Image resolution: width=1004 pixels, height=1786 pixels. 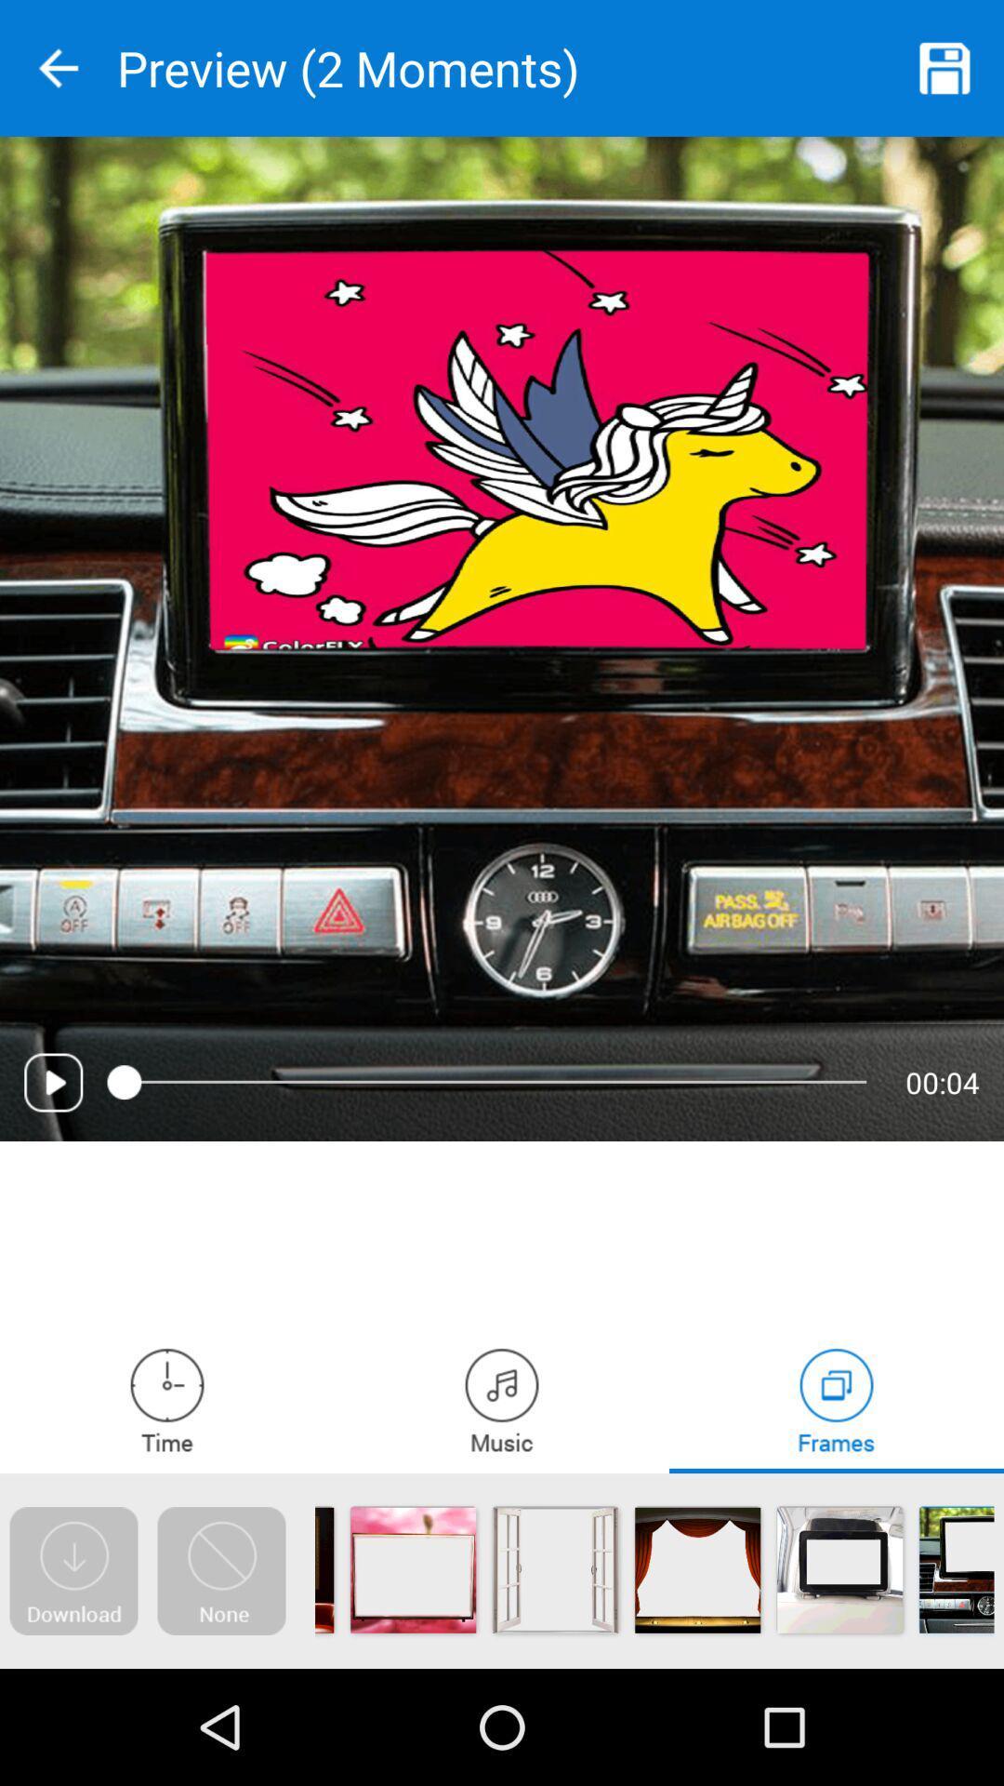 I want to click on music, so click(x=502, y=1400).